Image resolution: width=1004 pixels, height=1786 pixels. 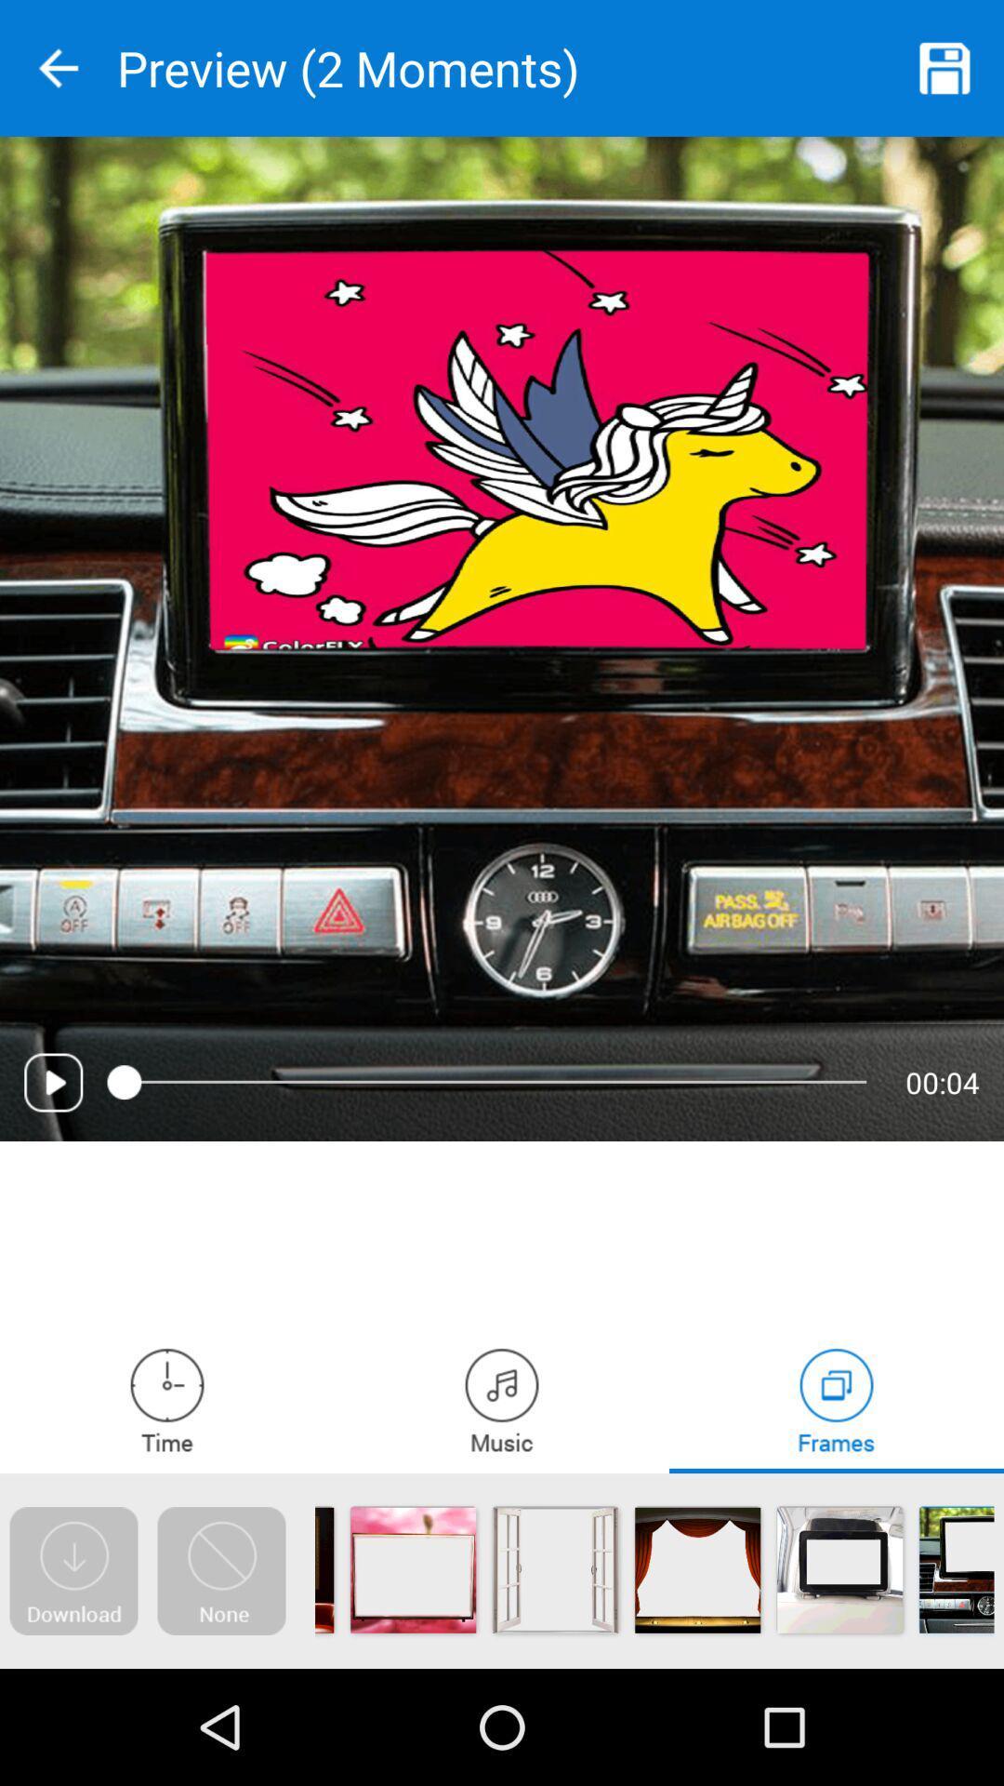 I want to click on music, so click(x=502, y=1400).